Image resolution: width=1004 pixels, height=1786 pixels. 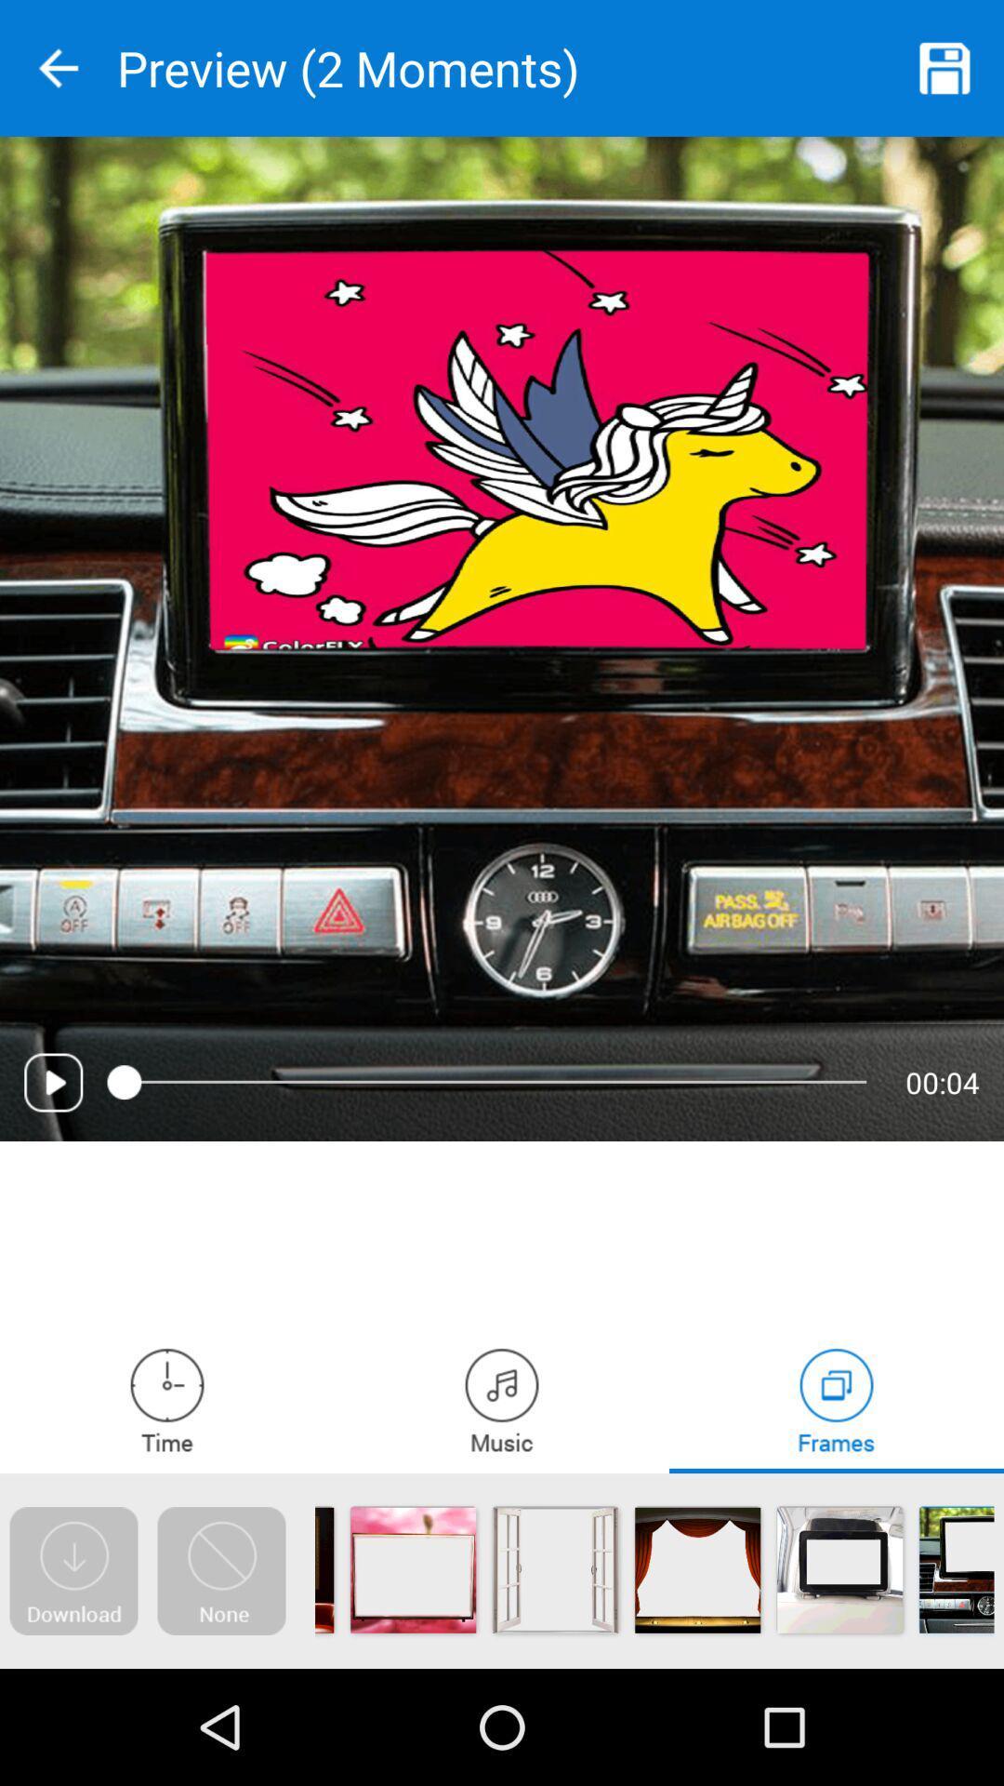 I want to click on music, so click(x=502, y=1400).